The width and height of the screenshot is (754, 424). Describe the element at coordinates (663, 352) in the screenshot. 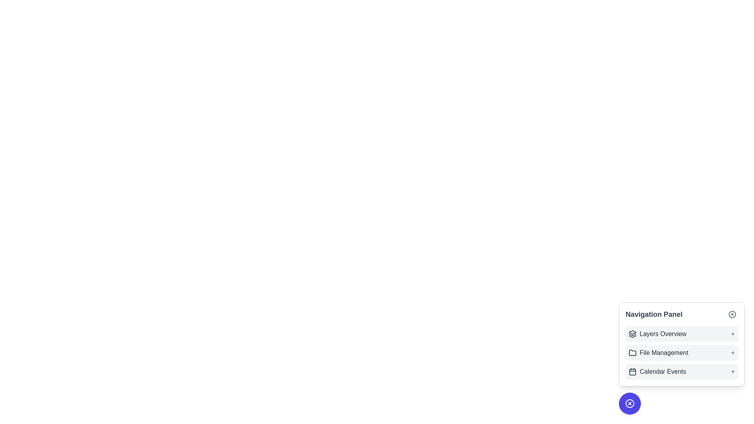

I see `the 'File Management' text label in the 'Navigation Panel', which is styled in a medium-weight, gray font and is the second entry in the vertical list, positioned between 'Layers Overview' and 'Calendar Events'` at that location.